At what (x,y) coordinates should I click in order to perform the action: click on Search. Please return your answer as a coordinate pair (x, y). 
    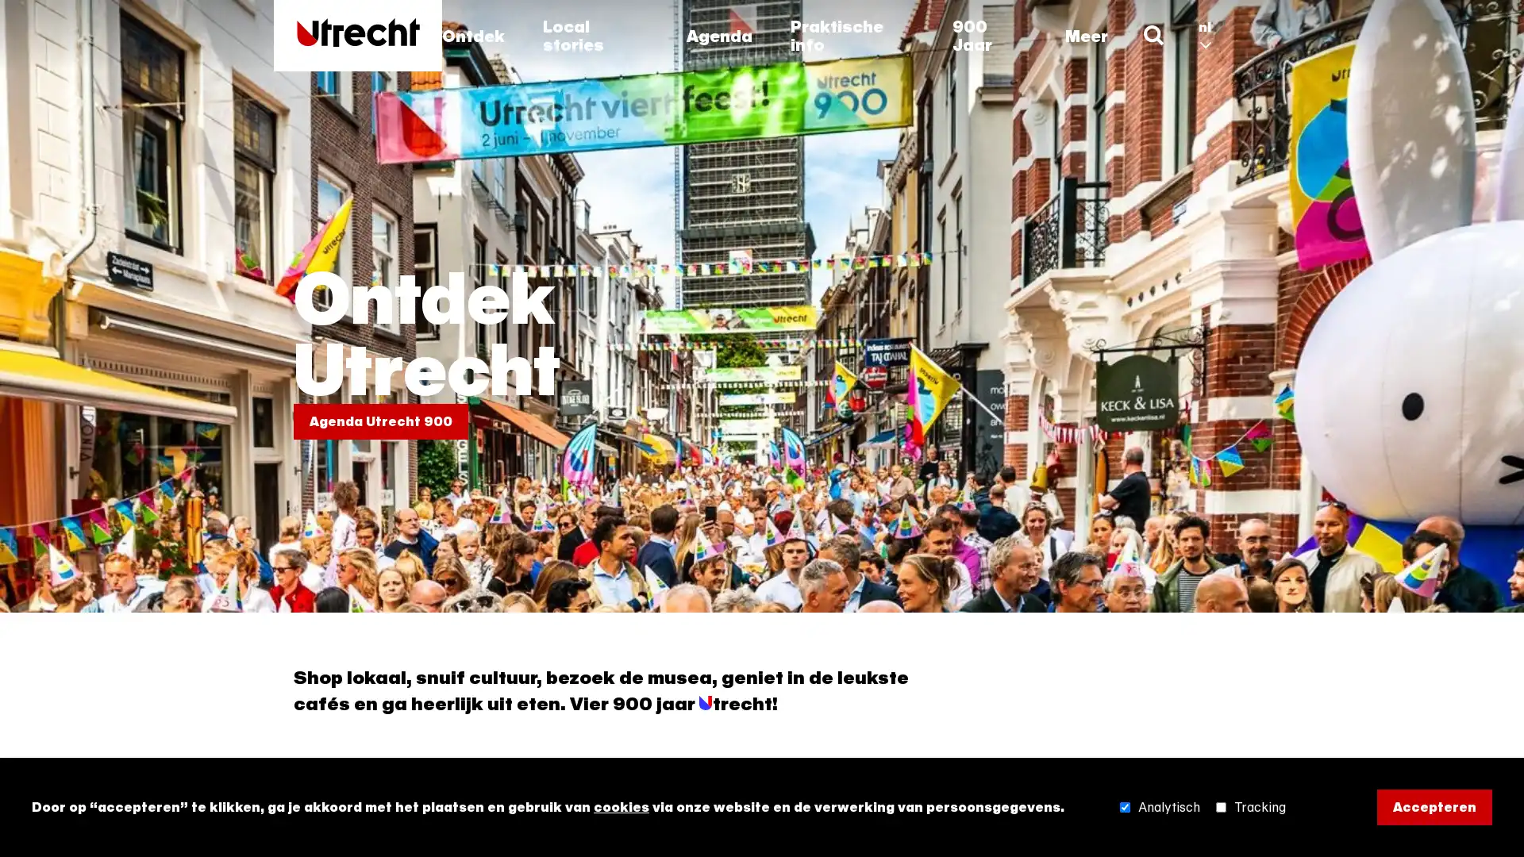
    Looking at the image, I should click on (1153, 36).